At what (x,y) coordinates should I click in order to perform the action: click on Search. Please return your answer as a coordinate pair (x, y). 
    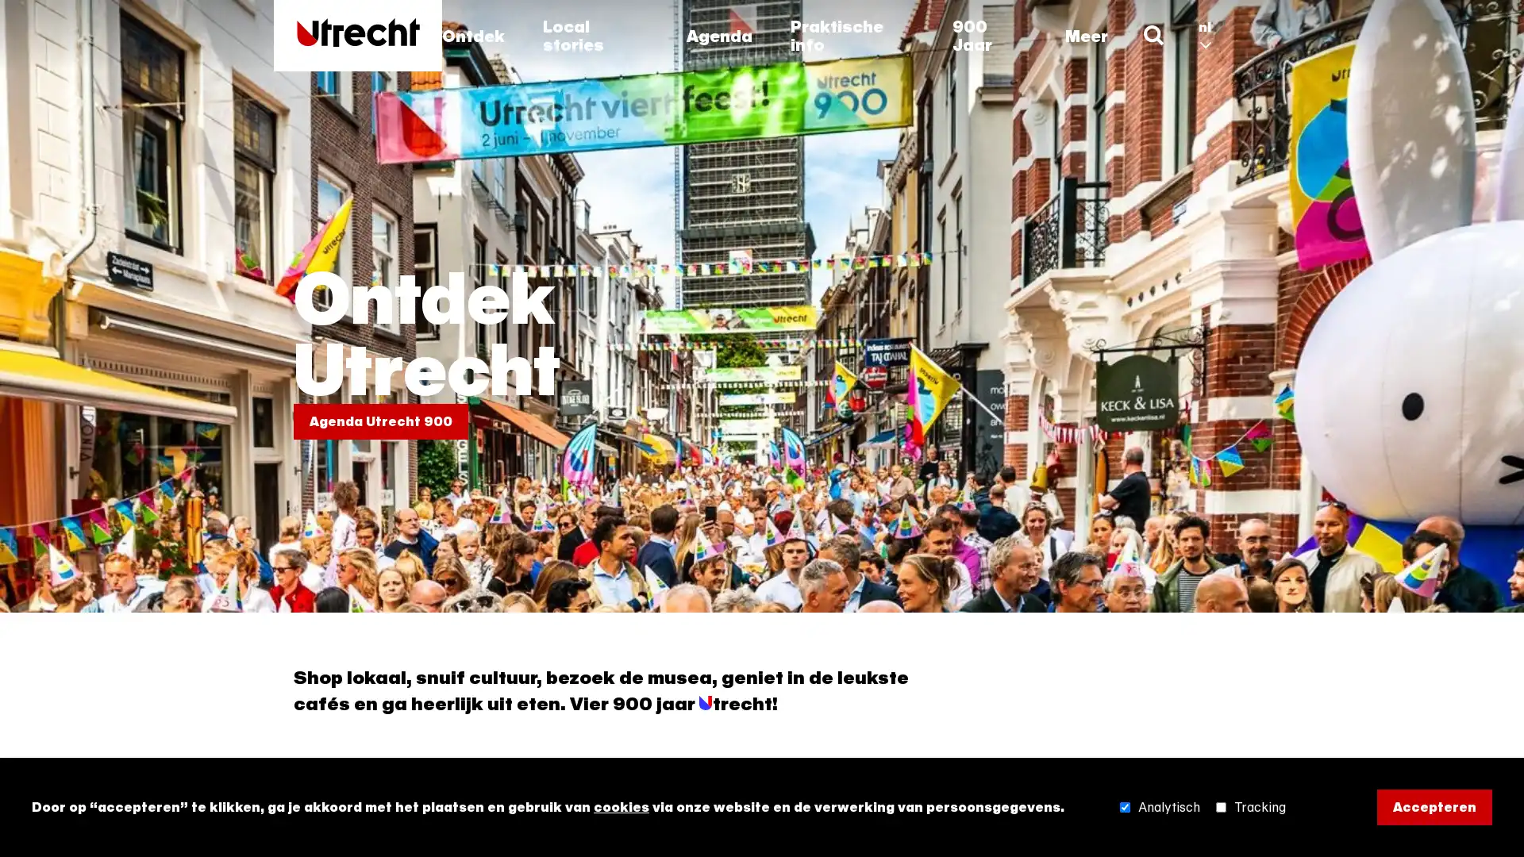
    Looking at the image, I should click on (1153, 36).